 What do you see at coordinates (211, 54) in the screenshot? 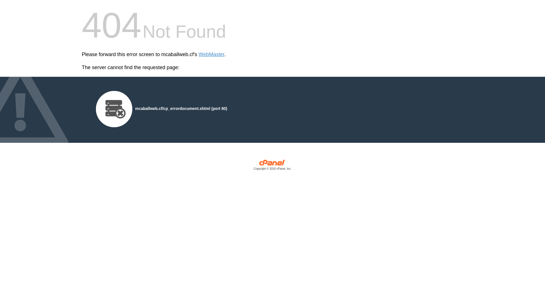
I see `'WebMaster'` at bounding box center [211, 54].